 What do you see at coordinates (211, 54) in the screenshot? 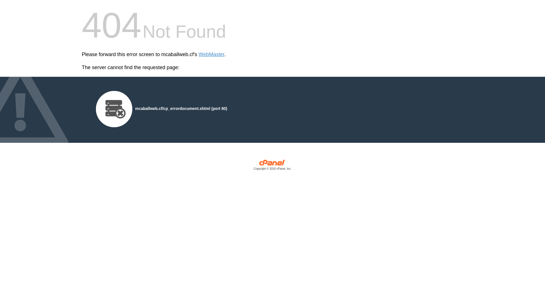
I see `'WebMaster'` at bounding box center [211, 54].